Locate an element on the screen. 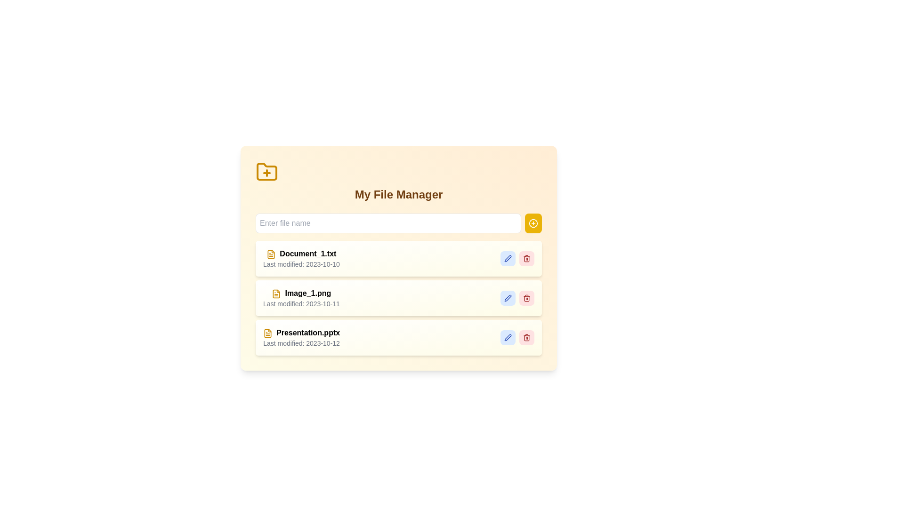  the small red rounded rectangle button with a trash can icon is located at coordinates (526, 259).